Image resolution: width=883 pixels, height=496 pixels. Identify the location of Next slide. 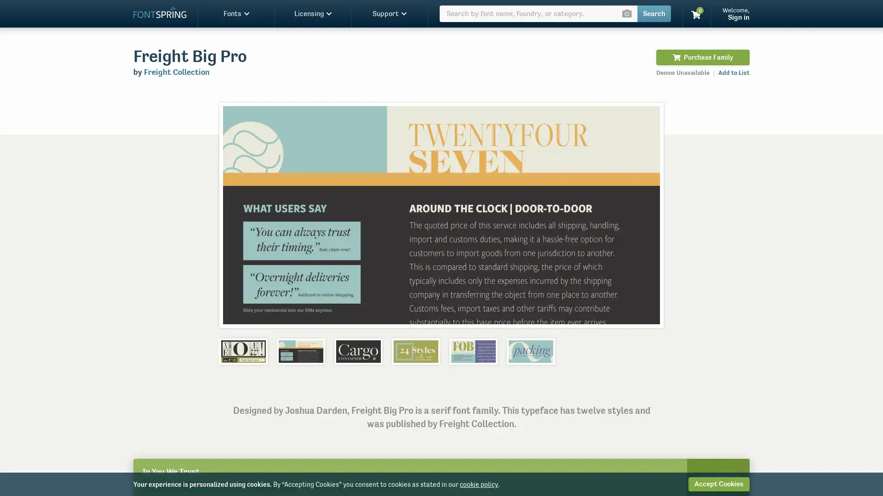
(646, 214).